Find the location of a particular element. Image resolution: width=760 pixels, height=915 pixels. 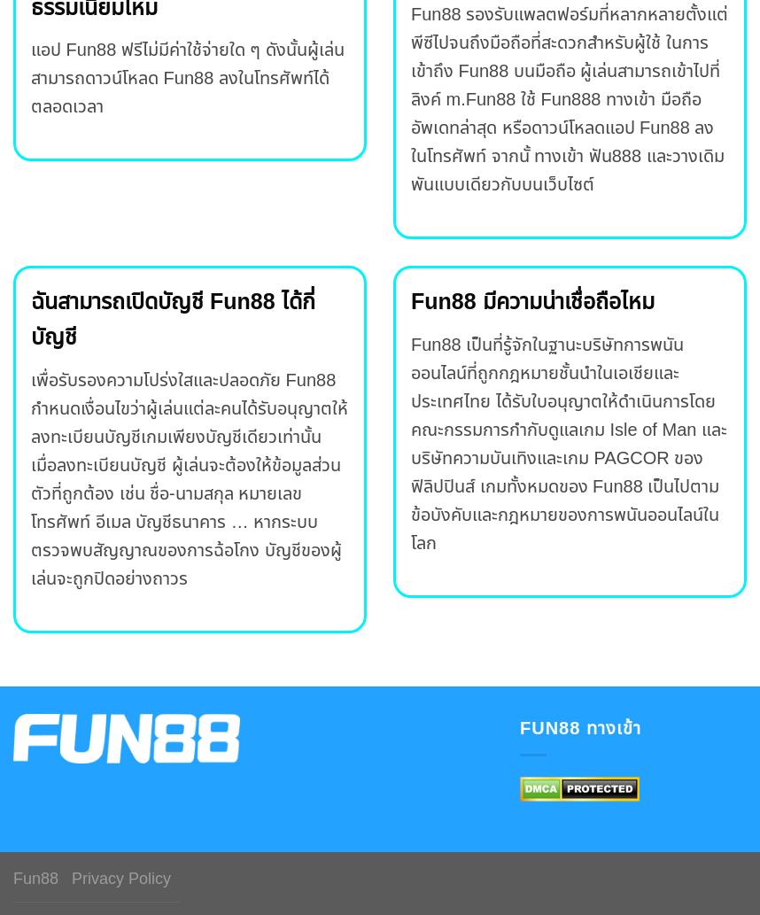

'เพื่อรับรองความโปร่งใสและปลอดภัย Fun88 กำหนดเงื่อนไขว่าผู้เล่นแต่ละคนได้รับอนุญาตให้ลงทะเบียนบัญชีเกมเพียงบัญชีเดียวเท่านั้น เมื่อลงทะเบียนบัญชี ผู้เล่นจะต้องให้ข้อมูลส่วนตัวที่ถูกต้อง เช่น ชื่อ-นามสกุล หมายเลขโทรศัพท์ อีเมล บัญชีธนาคาร … หากระบบตรวจพบสัญญาณของการฉ้อโกง บัญชีของผู้เล่นจะถูกปิดอย่างถาวร' is located at coordinates (189, 477).